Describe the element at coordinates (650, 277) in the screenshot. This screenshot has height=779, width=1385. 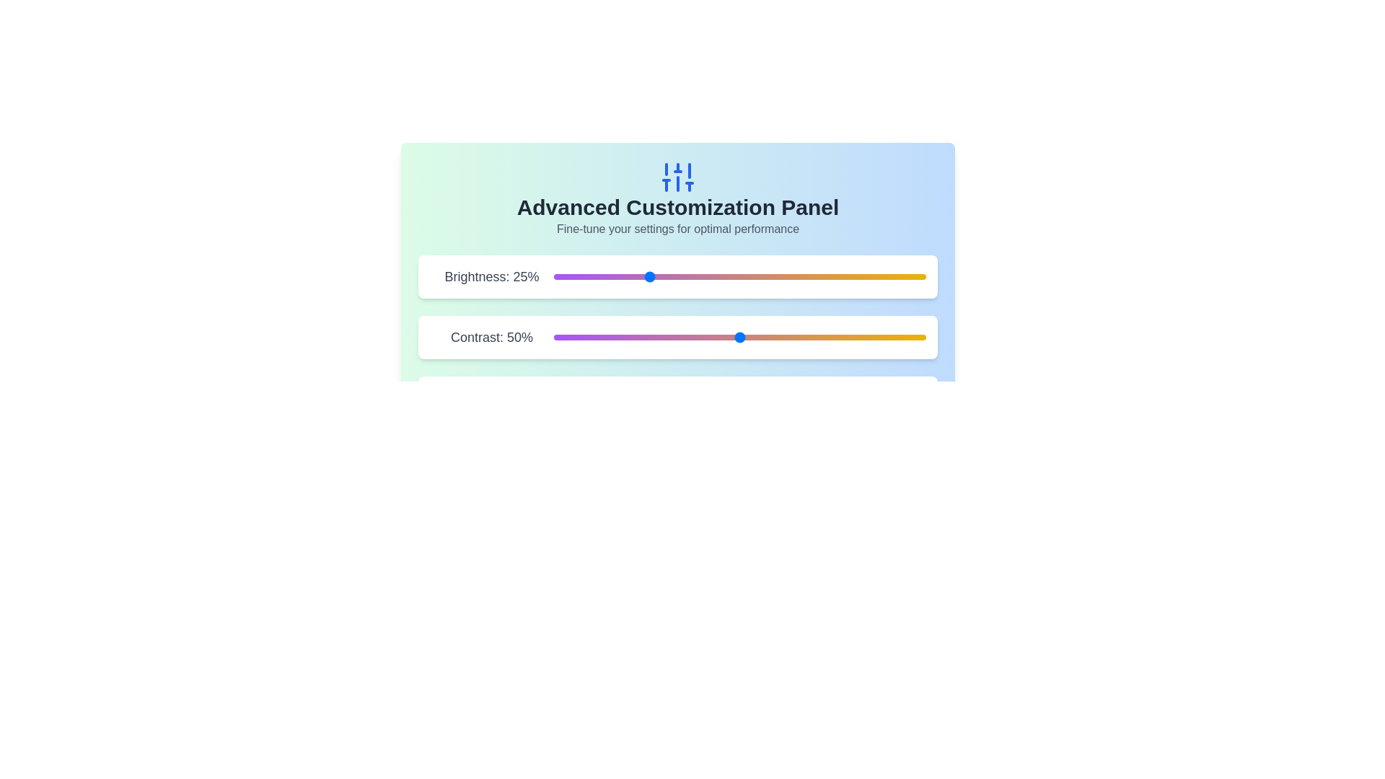
I see `the brightness slider to 26%` at that location.